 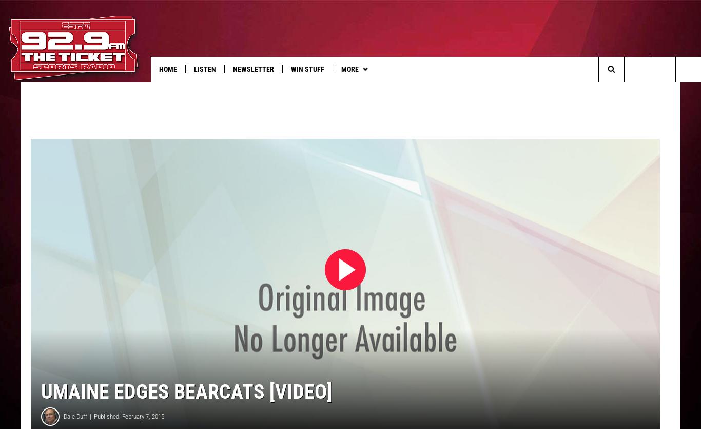 What do you see at coordinates (193, 69) in the screenshot?
I see `'Listen'` at bounding box center [193, 69].